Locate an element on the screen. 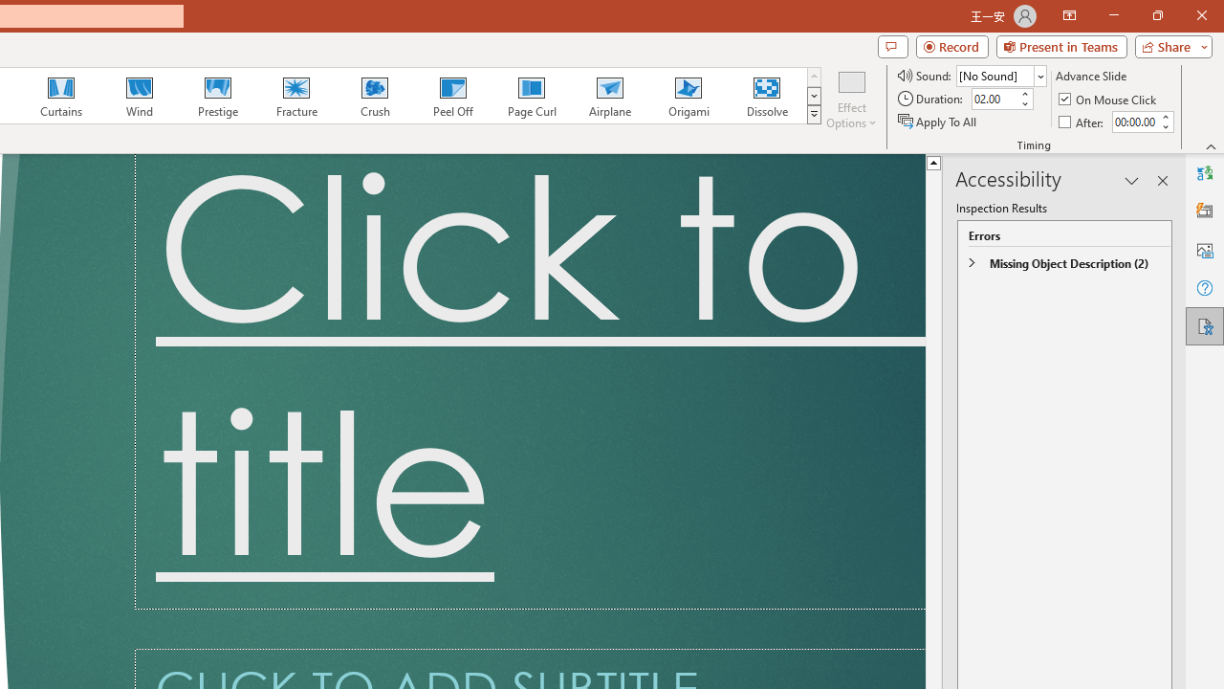 This screenshot has height=689, width=1224. 'Peel Off' is located at coordinates (451, 96).